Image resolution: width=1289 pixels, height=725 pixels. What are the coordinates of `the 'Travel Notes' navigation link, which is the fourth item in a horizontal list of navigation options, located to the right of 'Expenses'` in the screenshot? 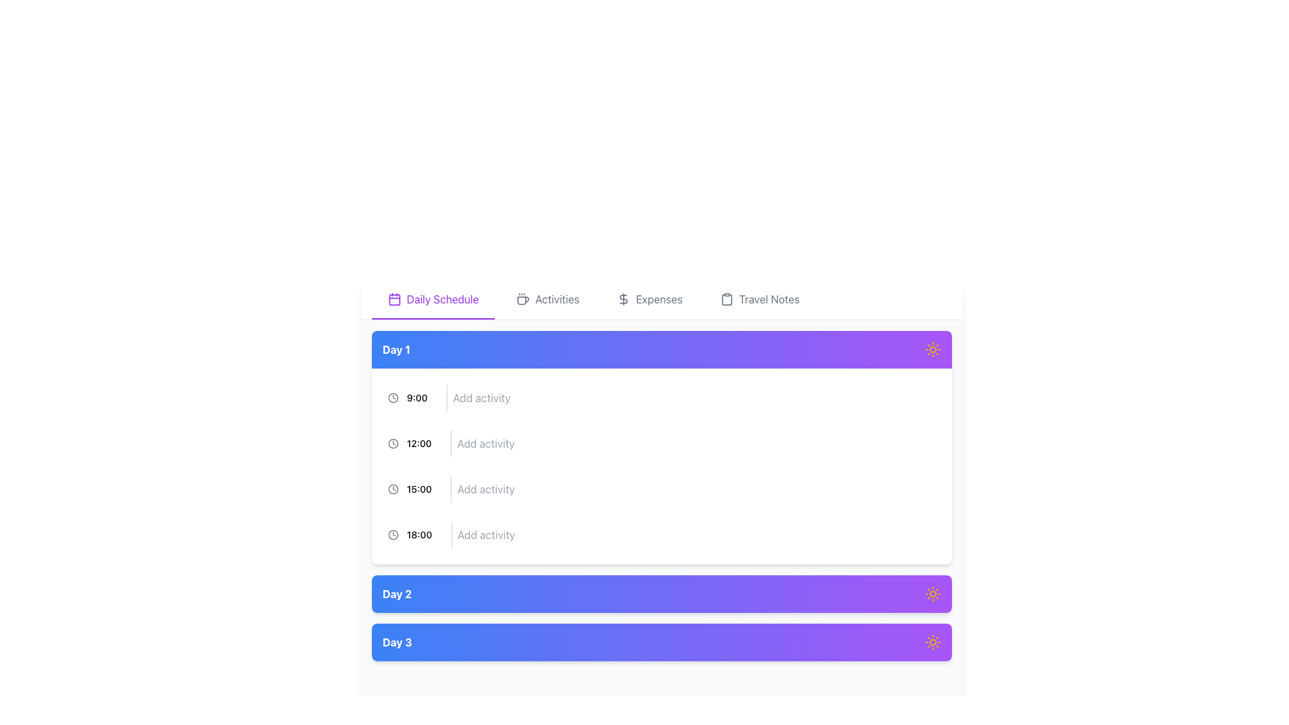 It's located at (760, 299).